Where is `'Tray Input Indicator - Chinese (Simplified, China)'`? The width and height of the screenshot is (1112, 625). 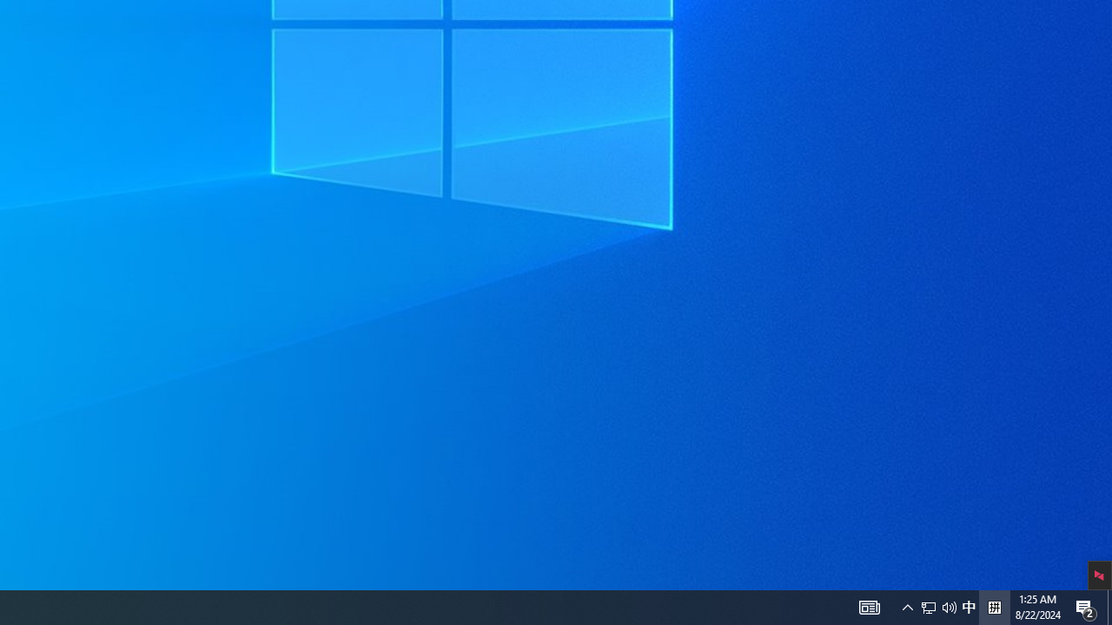 'Tray Input Indicator - Chinese (Simplified, China)' is located at coordinates (994, 606).